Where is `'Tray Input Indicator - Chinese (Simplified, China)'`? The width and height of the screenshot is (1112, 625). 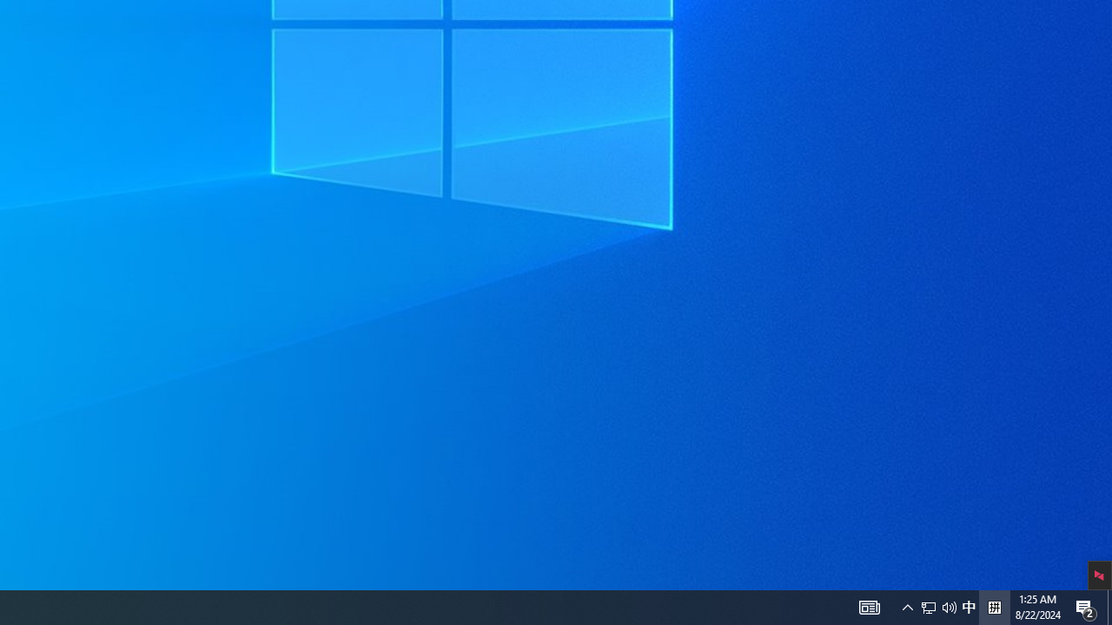 'Tray Input Indicator - Chinese (Simplified, China)' is located at coordinates (994, 606).